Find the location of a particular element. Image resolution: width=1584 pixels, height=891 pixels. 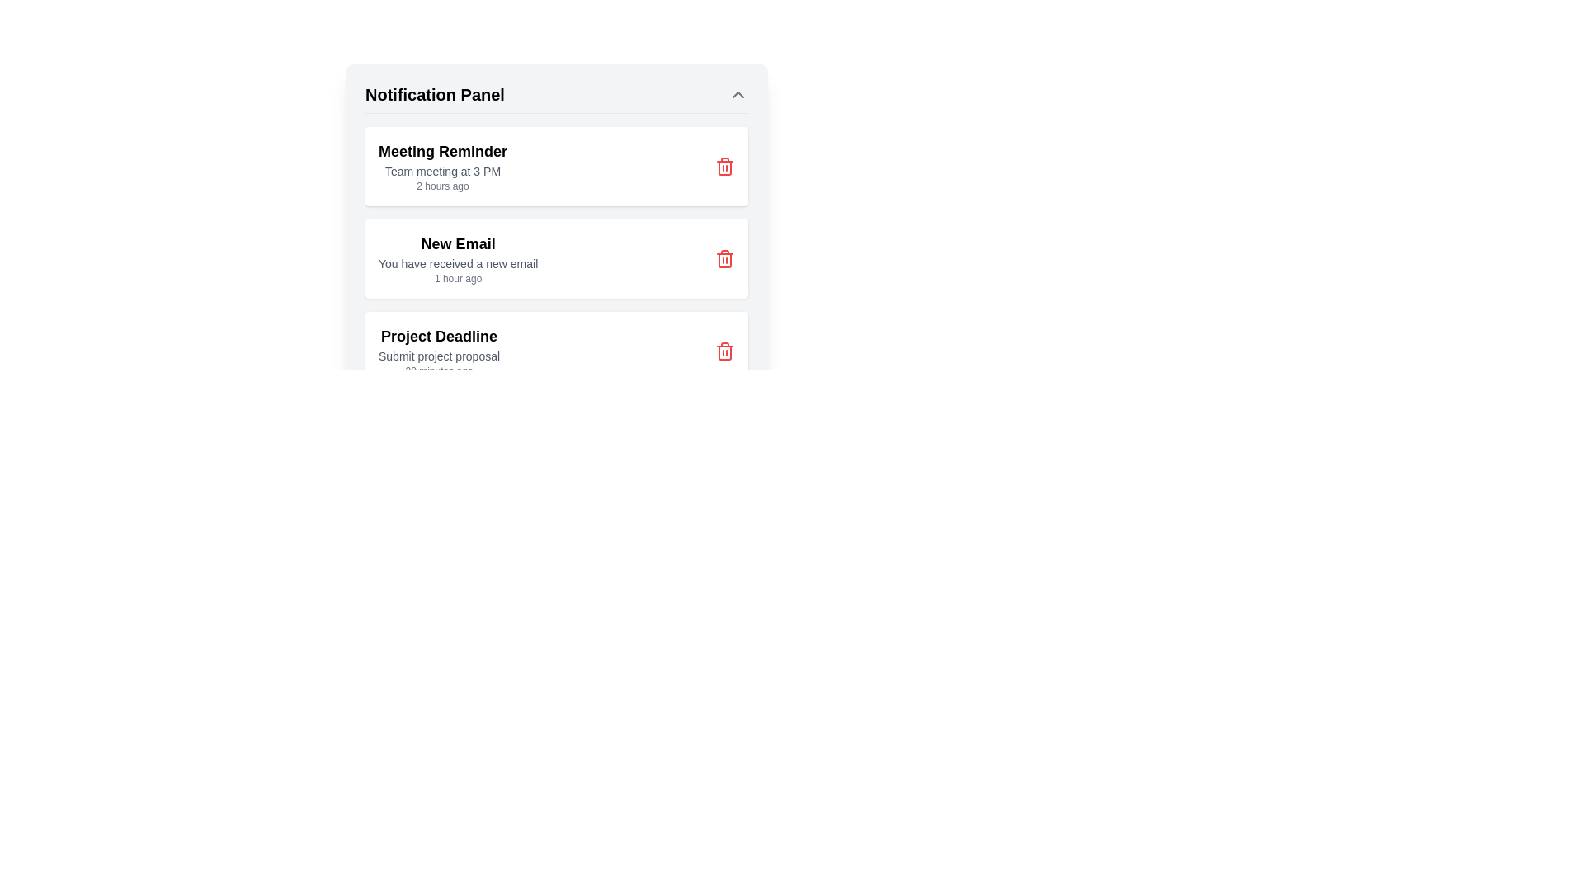

the 'New Email' text label, which is a large, bold font located at the top-center of the email notification card is located at coordinates (458, 244).